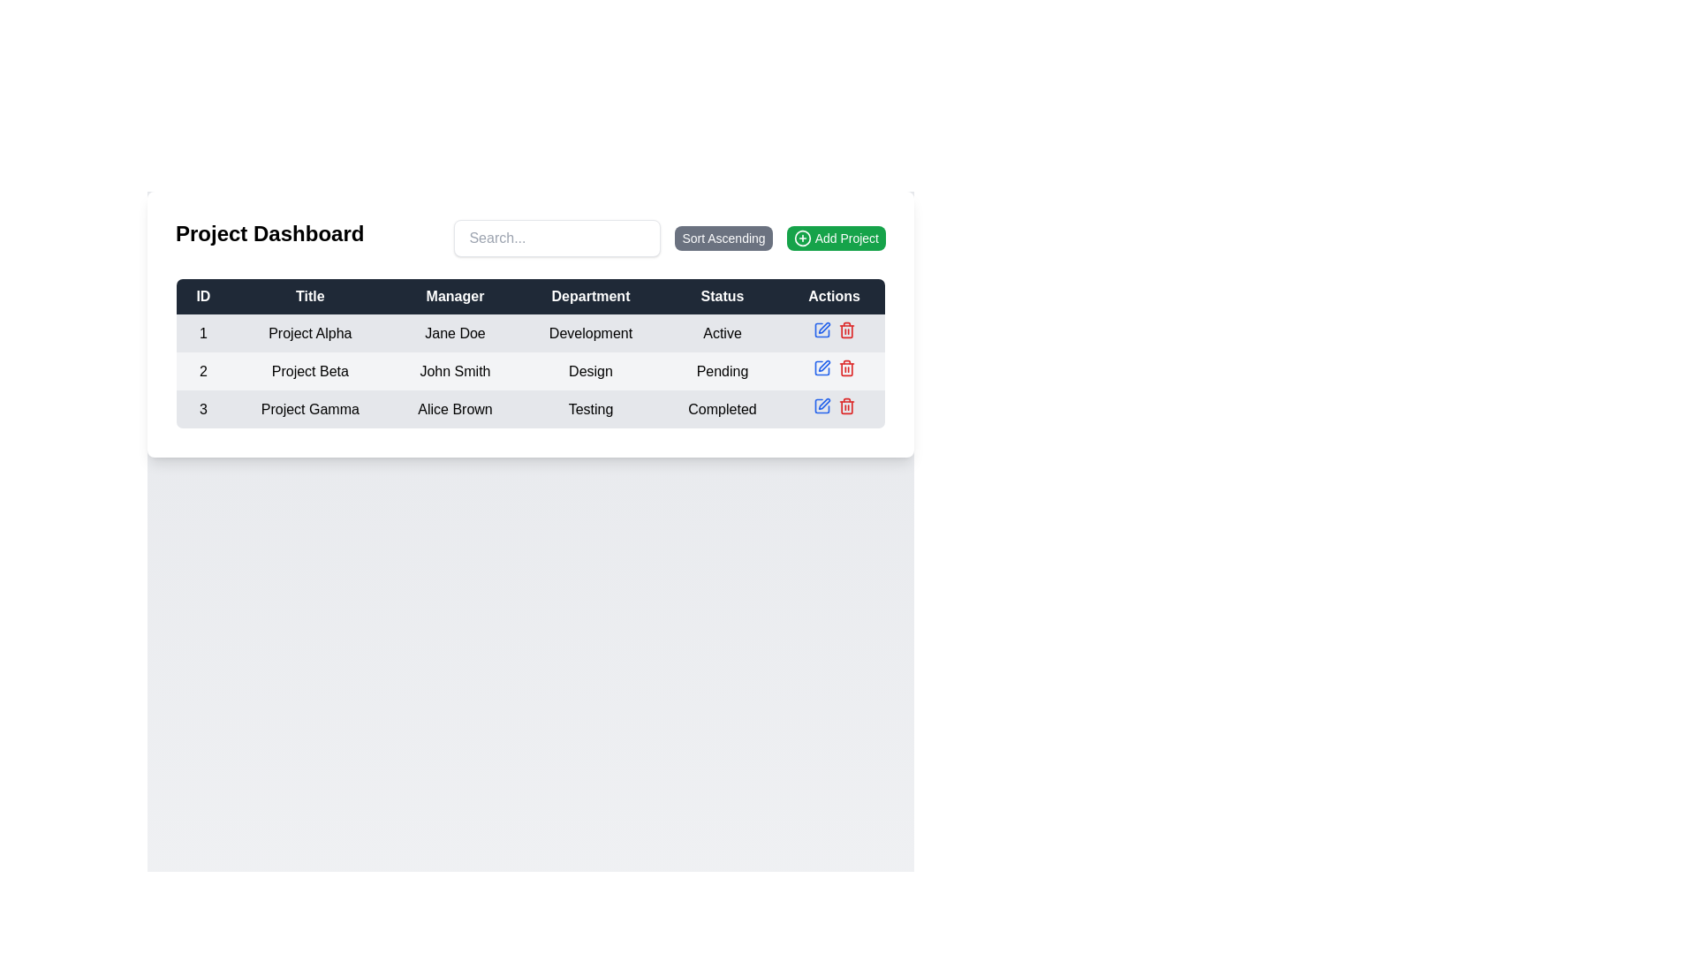 This screenshot has width=1696, height=954. What do you see at coordinates (801, 238) in the screenshot?
I see `the circular plus-shaped icon with a green border located to the left of the 'Add Project' button` at bounding box center [801, 238].